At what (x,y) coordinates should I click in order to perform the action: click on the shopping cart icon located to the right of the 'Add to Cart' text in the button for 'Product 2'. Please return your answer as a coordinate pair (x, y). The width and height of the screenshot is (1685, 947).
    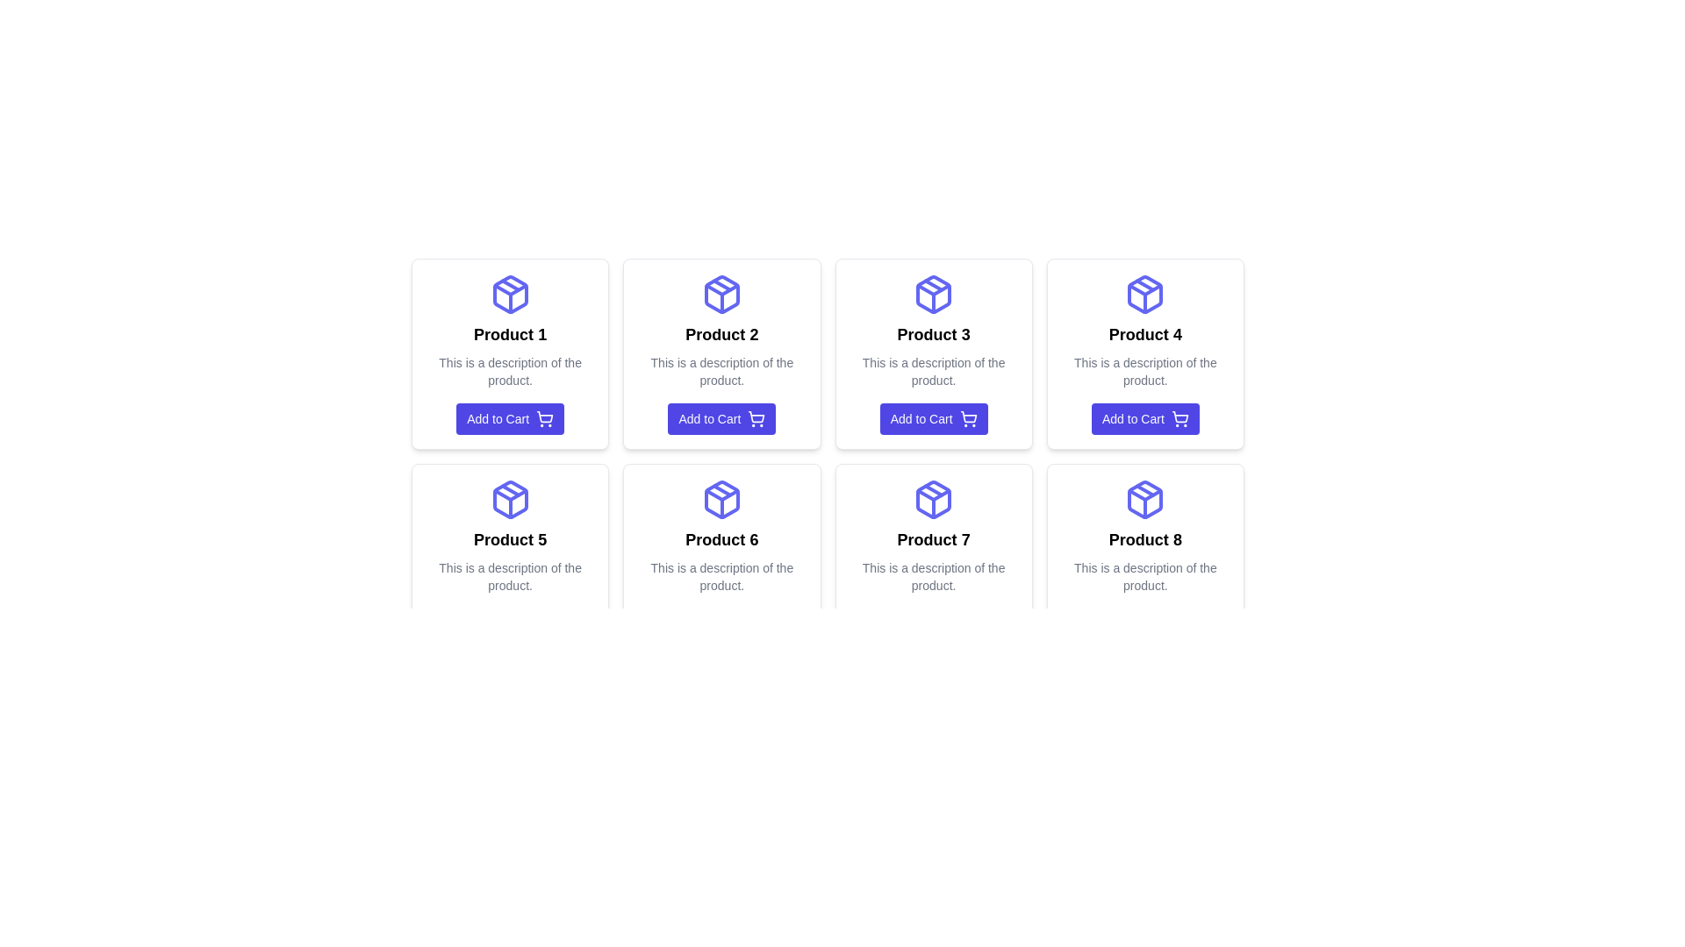
    Looking at the image, I should click on (756, 419).